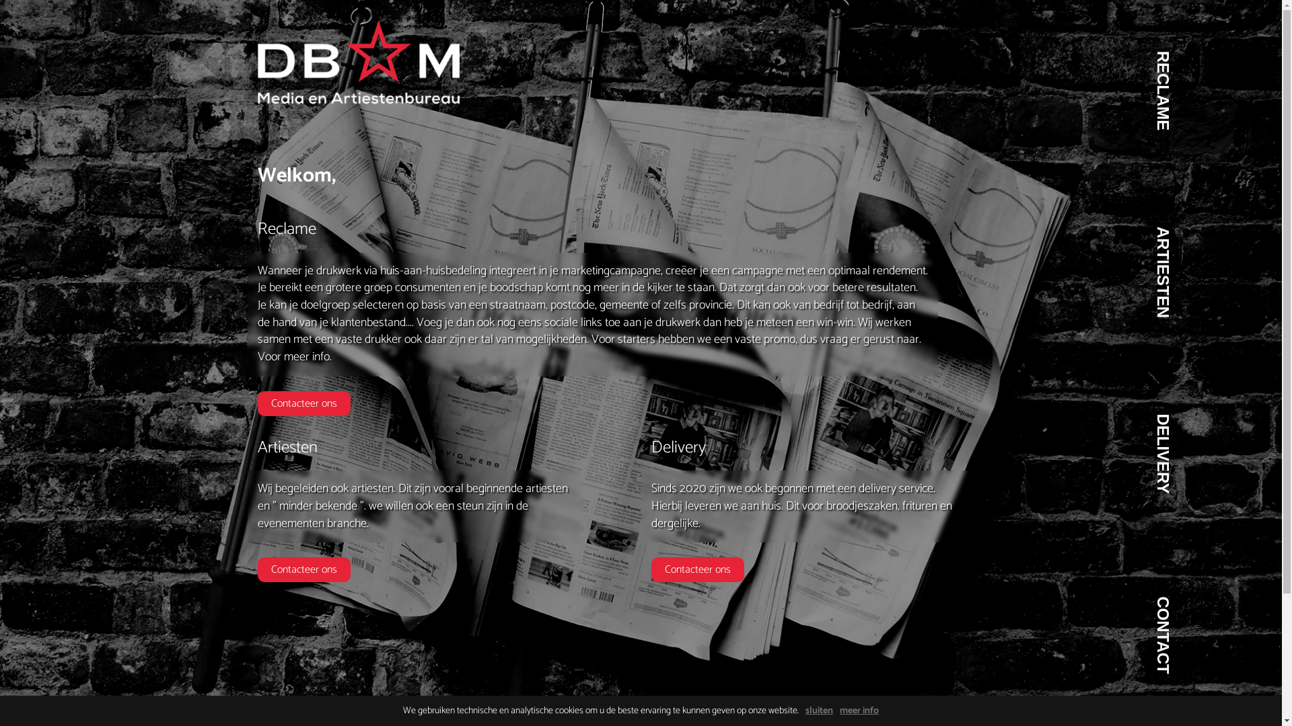 The width and height of the screenshot is (1292, 726). What do you see at coordinates (1190, 62) in the screenshot?
I see `'RECLAME'` at bounding box center [1190, 62].